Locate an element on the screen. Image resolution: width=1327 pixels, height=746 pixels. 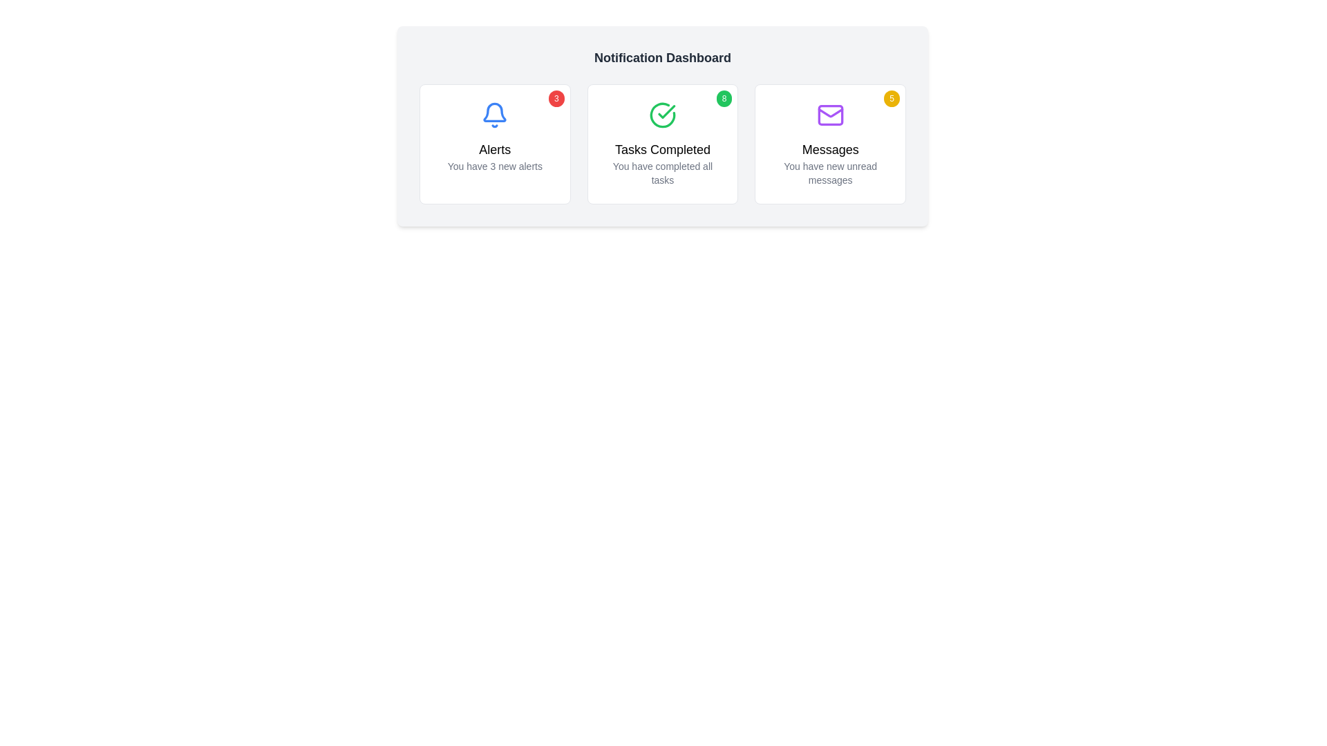
the checkmark graphic icon indicating successful task completion, located on the second card in the 'Tasks Completed' section is located at coordinates (666, 111).